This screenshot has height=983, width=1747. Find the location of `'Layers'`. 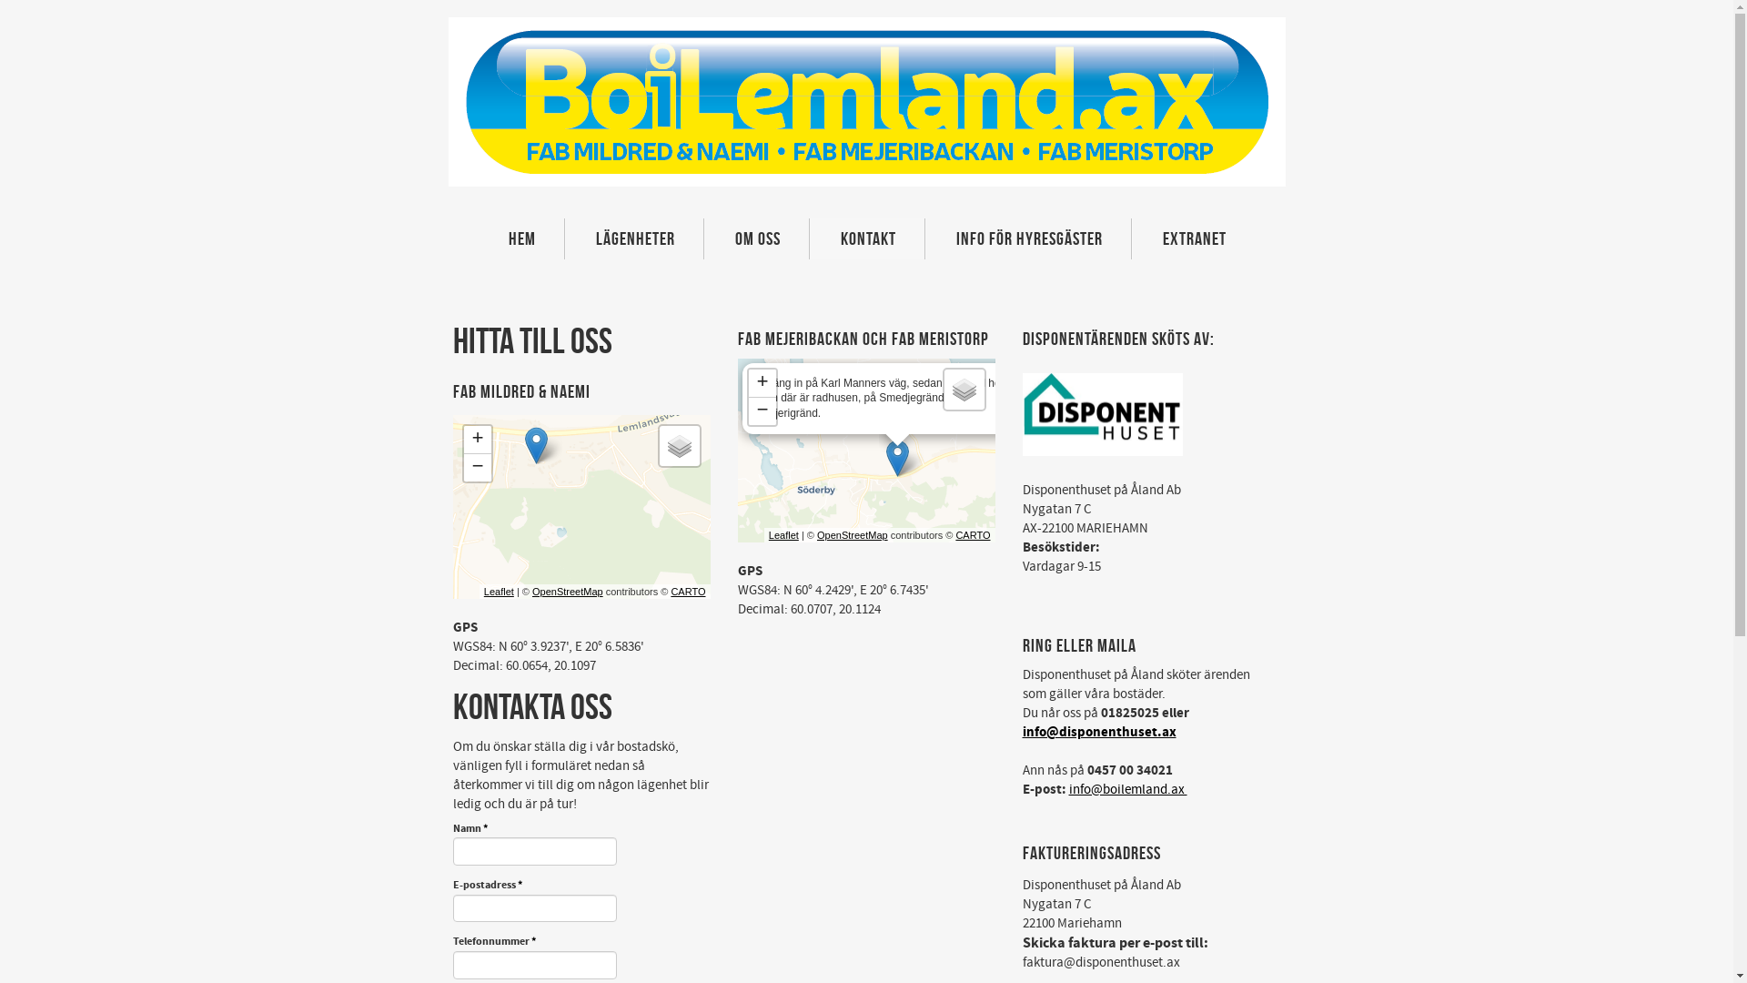

'Layers' is located at coordinates (677, 445).